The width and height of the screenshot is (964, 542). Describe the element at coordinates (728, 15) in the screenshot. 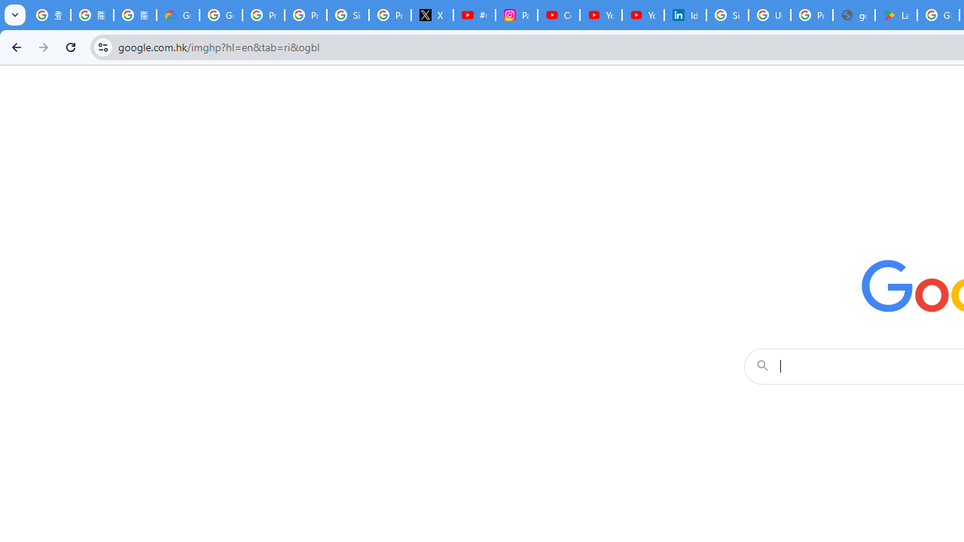

I see `'Sign in - Google Accounts'` at that location.